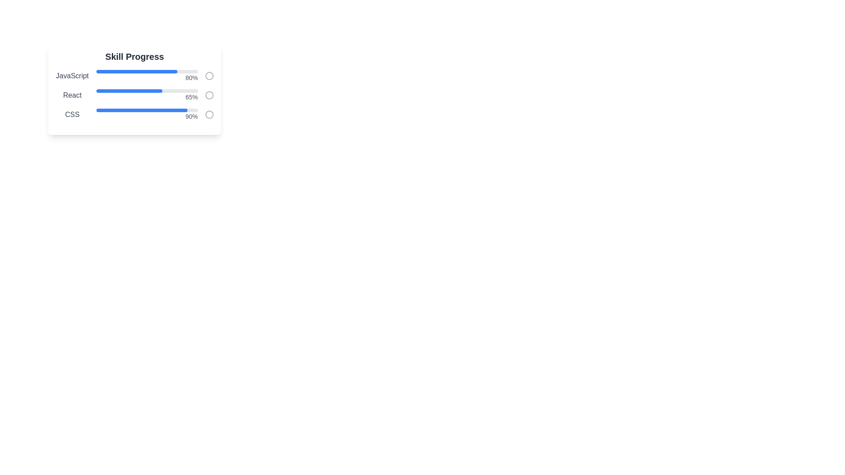 The image size is (845, 475). What do you see at coordinates (147, 76) in the screenshot?
I see `the progress indicator associated with the 'JavaScript' skill, which displays an 80% completion label and is located in the first row of the 'Skill Progress' list` at bounding box center [147, 76].